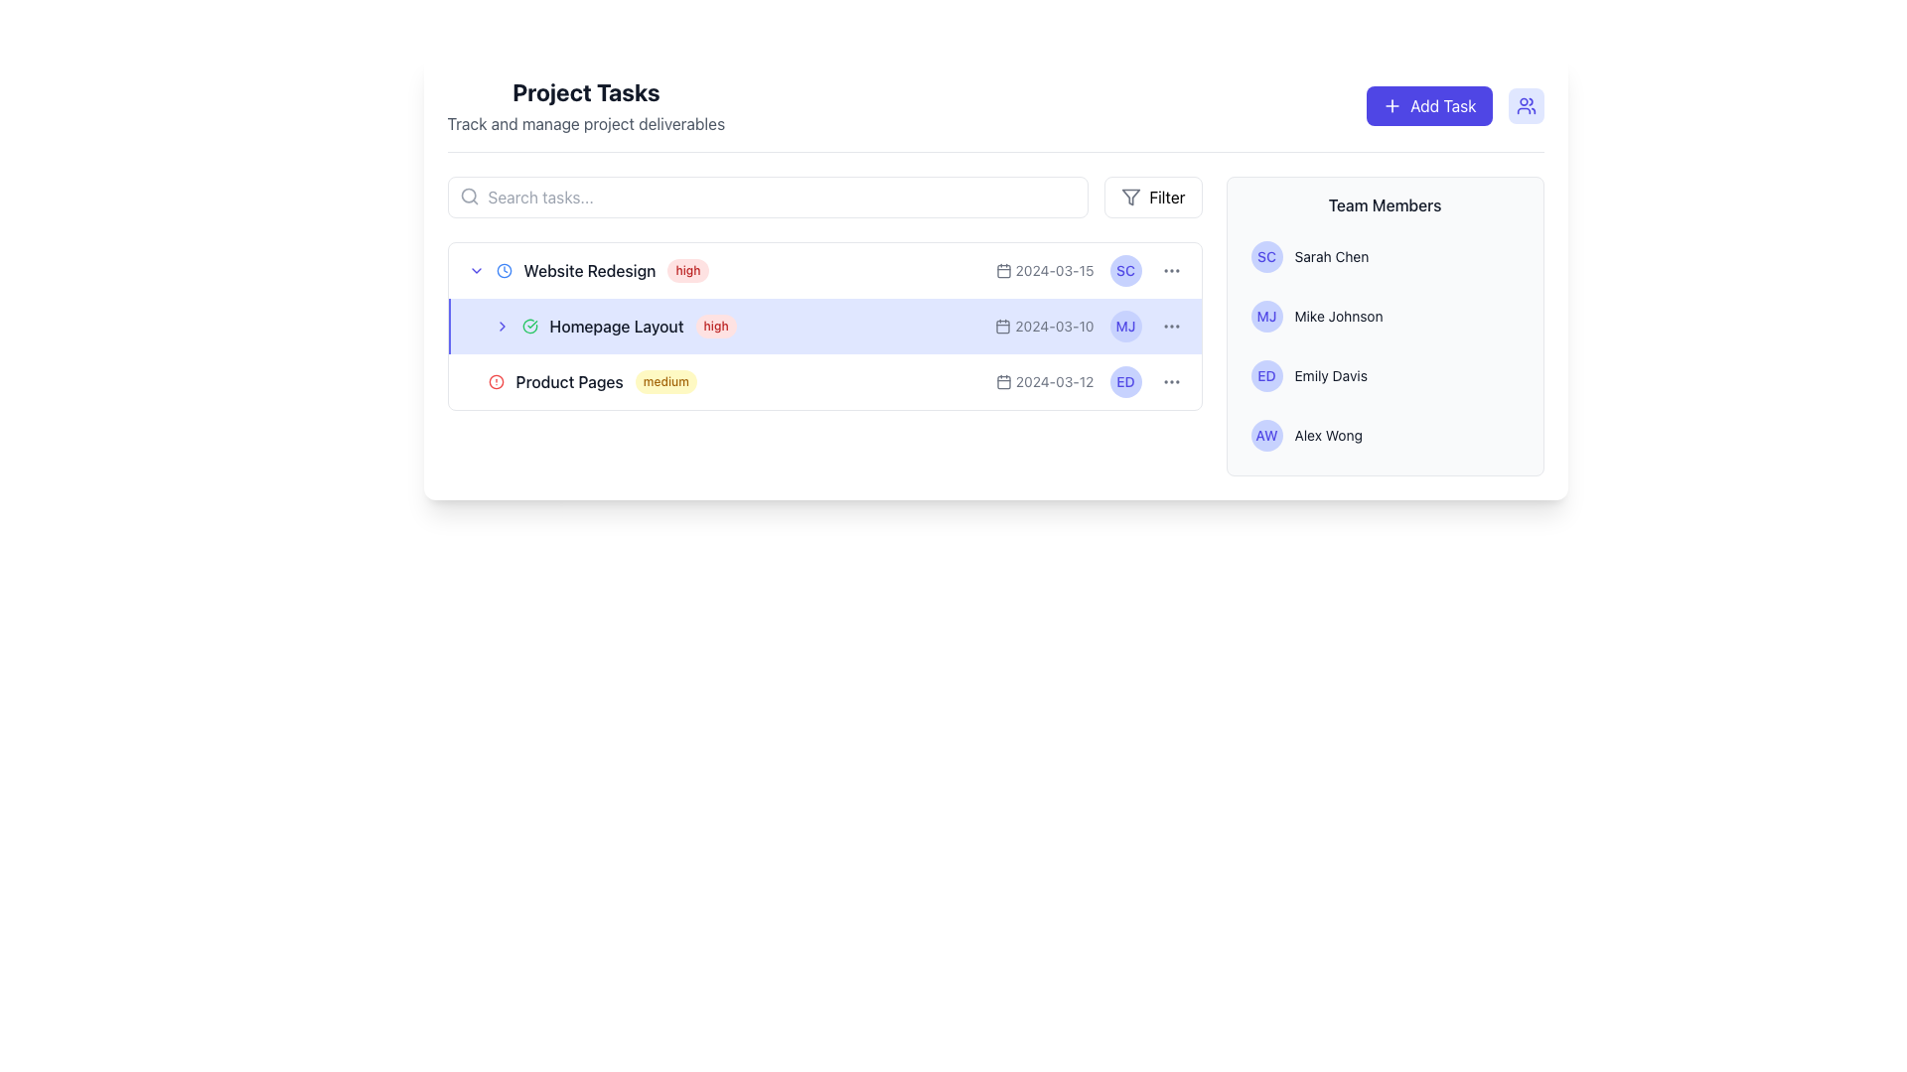 This screenshot has height=1072, width=1907. I want to click on the circular user avatar representing the profile of the assignee with initials 'ED' located near the right end of the row for 'Product Pages', so click(1125, 382).